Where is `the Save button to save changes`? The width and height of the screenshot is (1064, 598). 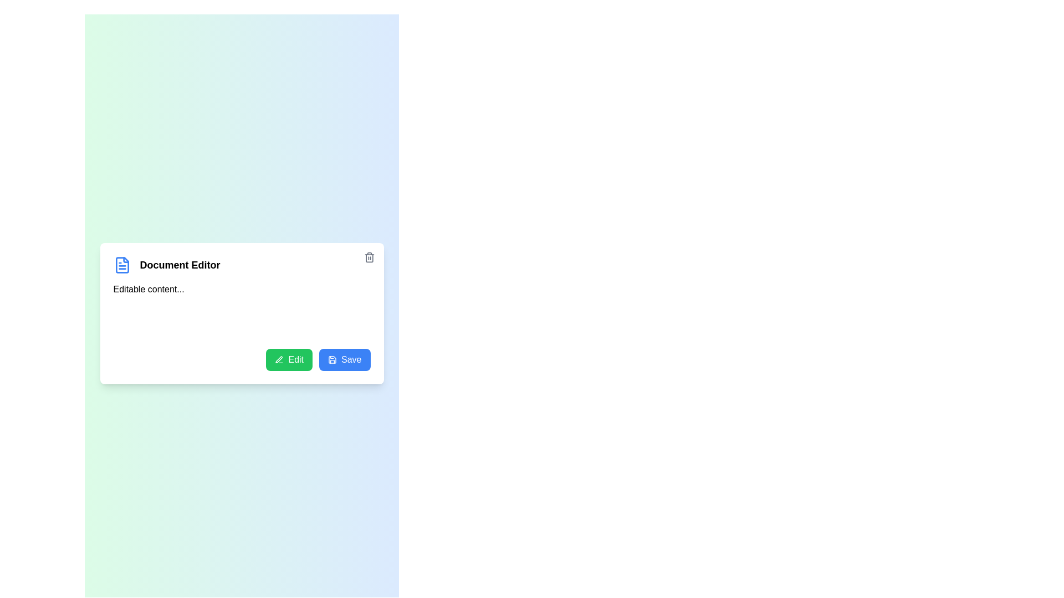 the Save button to save changes is located at coordinates (344, 359).